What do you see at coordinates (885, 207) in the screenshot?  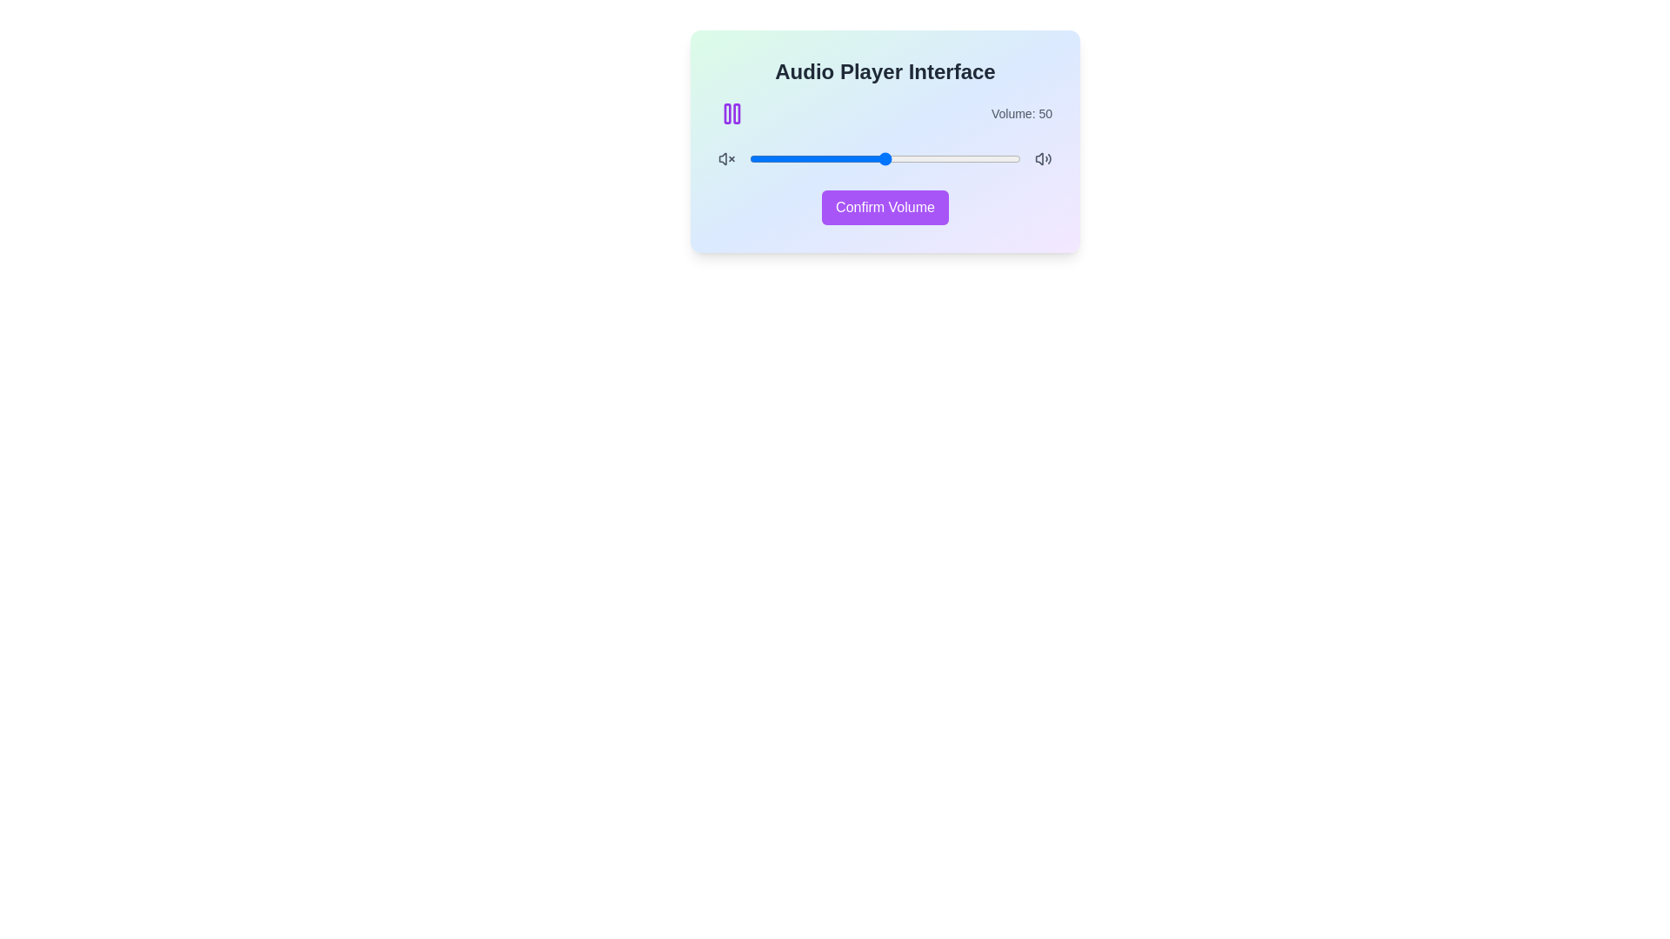 I see `the confirm button located at the bottom of the card-like interface` at bounding box center [885, 207].